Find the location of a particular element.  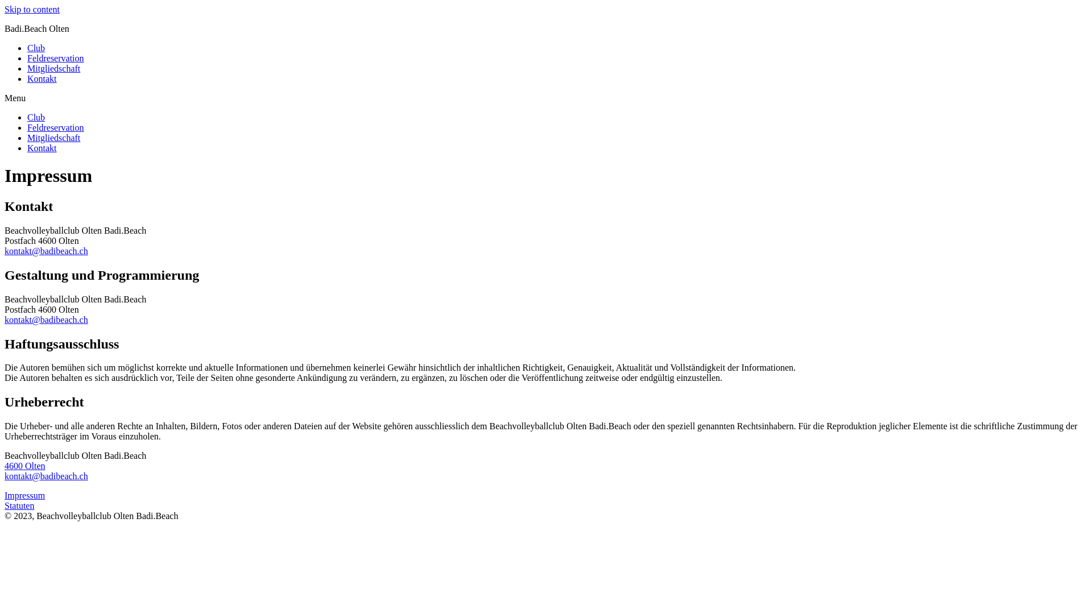

'Mitgliedschaft' is located at coordinates (27, 68).